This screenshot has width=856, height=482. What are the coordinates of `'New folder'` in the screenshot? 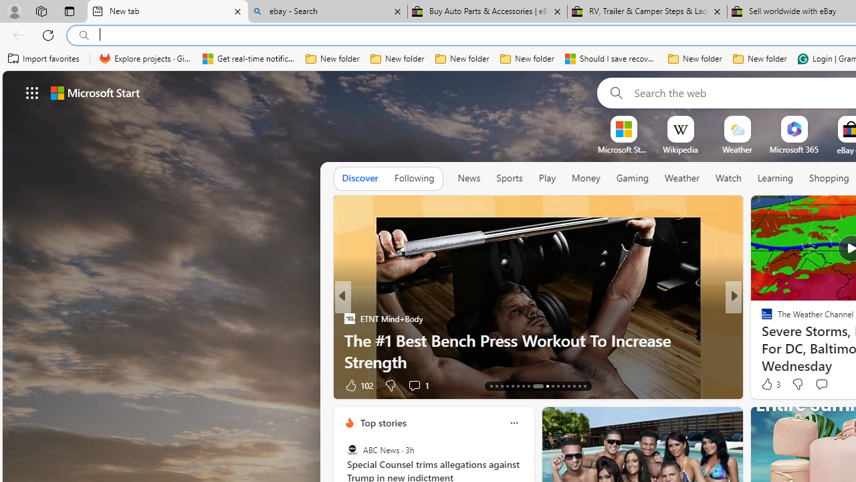 It's located at (760, 58).